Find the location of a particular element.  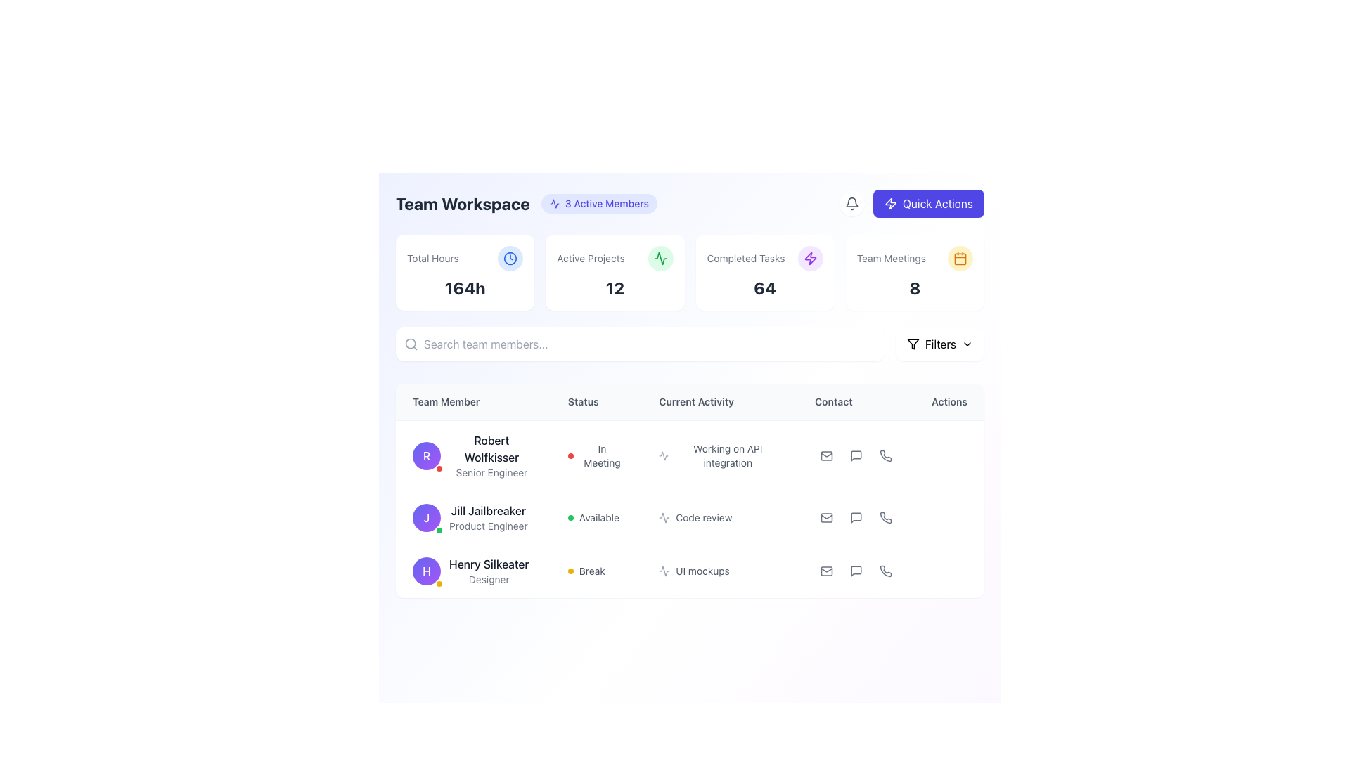

the current activity text of team member 'Jill Jailbreaker' located in the 'Current Activity' column of the second row in the table is located at coordinates (690, 509).